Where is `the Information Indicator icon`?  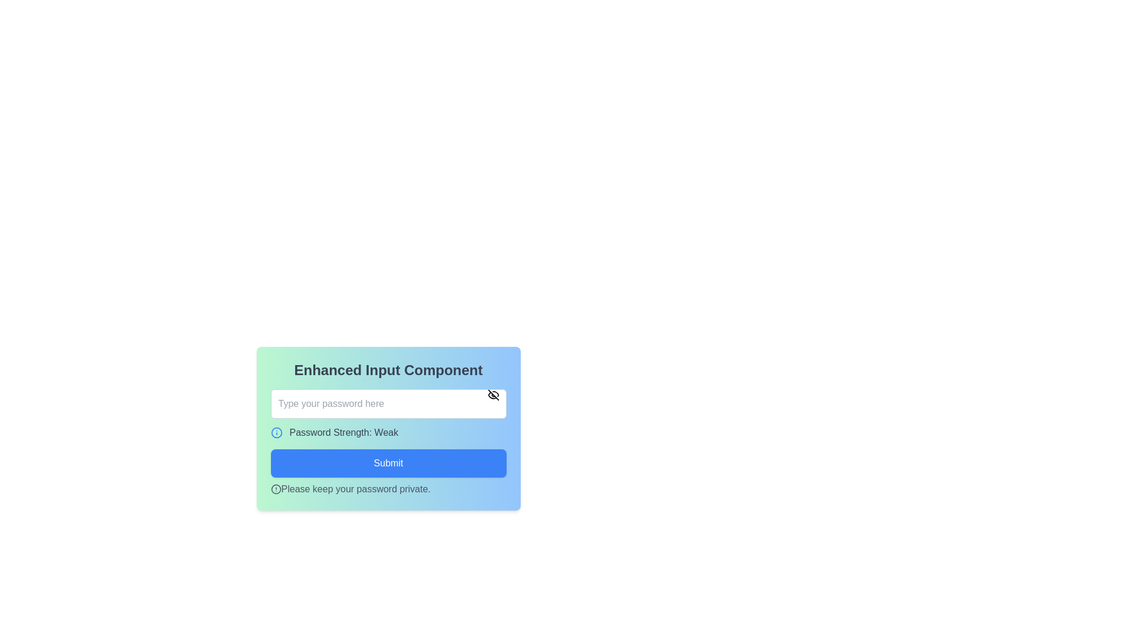
the Information Indicator icon is located at coordinates (276, 433).